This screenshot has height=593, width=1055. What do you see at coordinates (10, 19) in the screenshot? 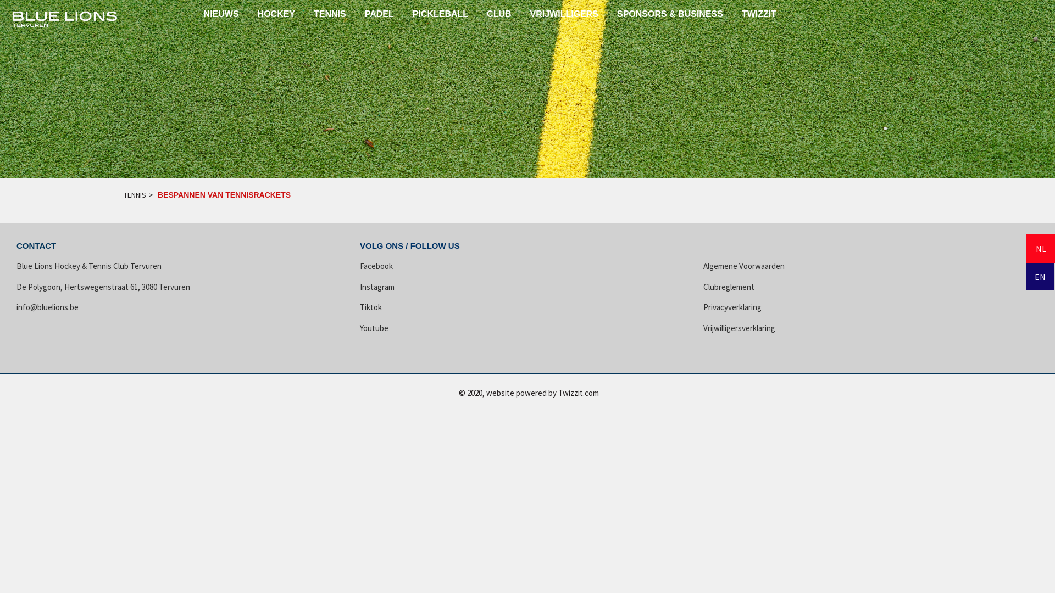
I see `' '` at bounding box center [10, 19].